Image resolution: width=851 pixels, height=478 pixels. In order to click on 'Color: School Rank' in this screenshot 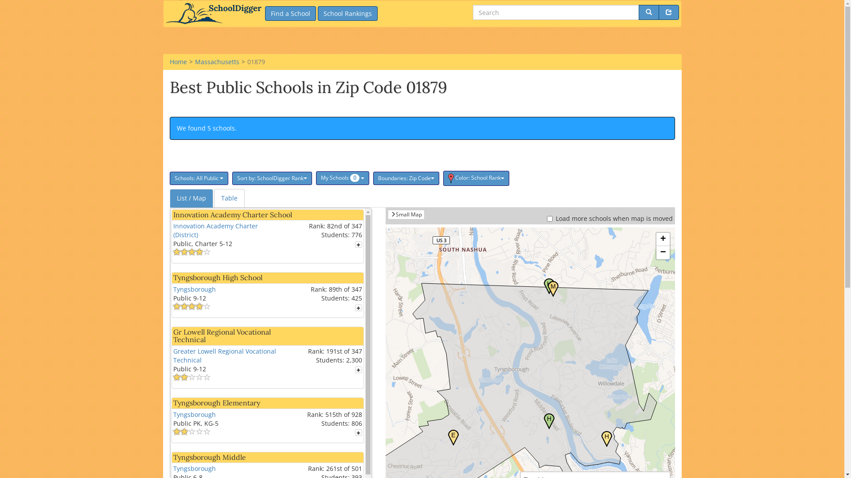, I will do `click(476, 178)`.